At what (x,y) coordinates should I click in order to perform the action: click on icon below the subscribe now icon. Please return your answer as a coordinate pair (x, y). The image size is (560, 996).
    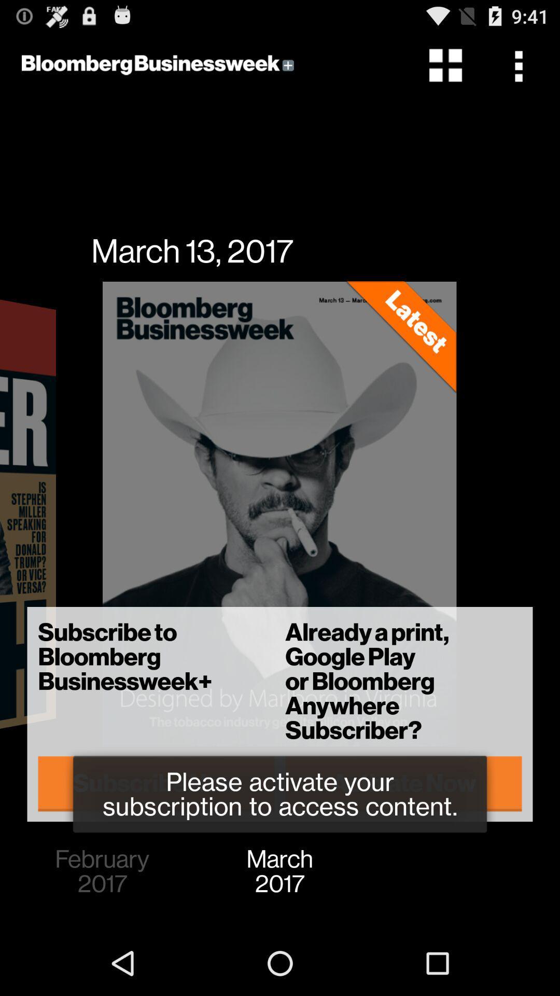
    Looking at the image, I should click on (102, 872).